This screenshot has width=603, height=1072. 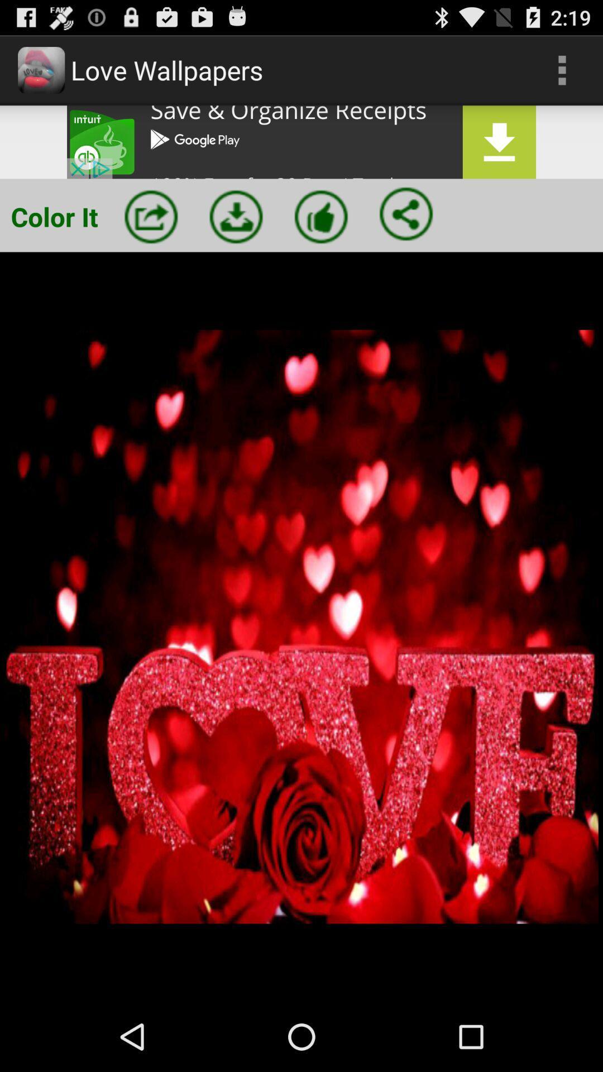 What do you see at coordinates (406, 214) in the screenshot?
I see `share the wallpaper` at bounding box center [406, 214].